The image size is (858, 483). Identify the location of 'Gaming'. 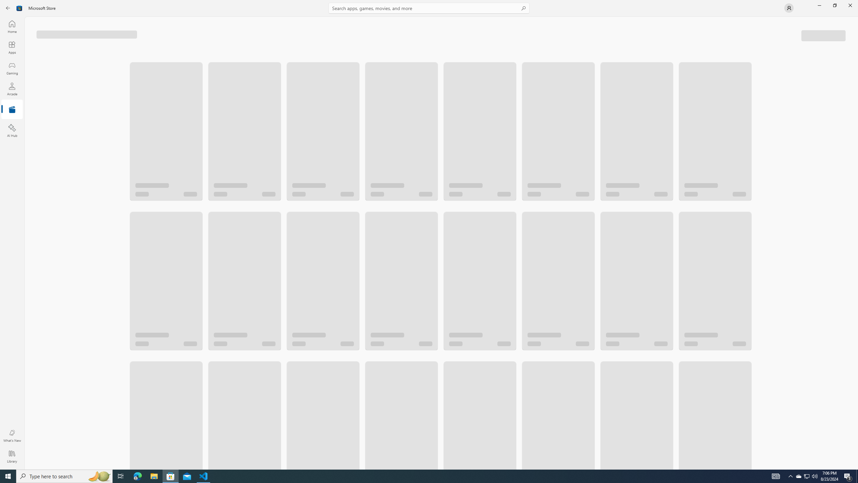
(11, 68).